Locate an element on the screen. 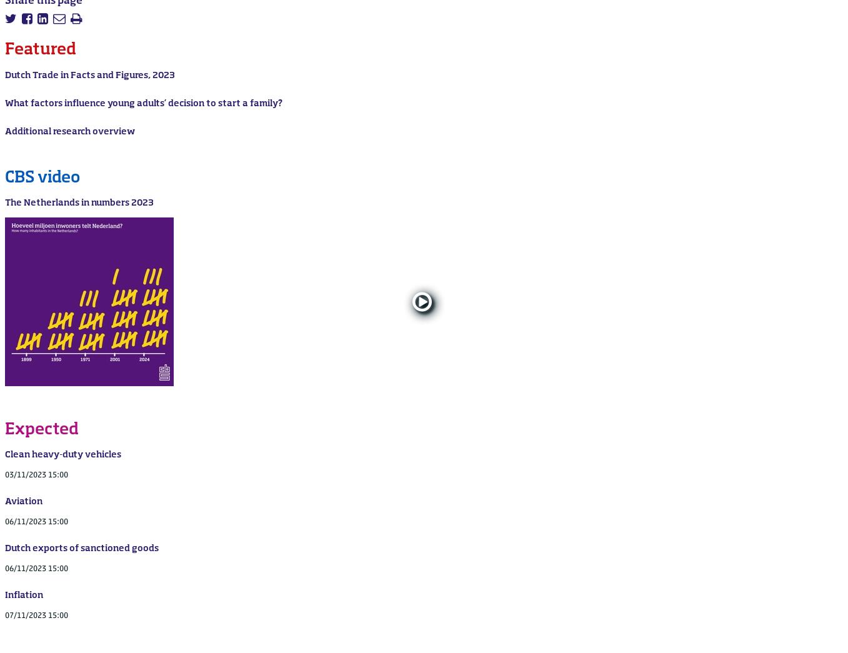 The height and width of the screenshot is (653, 848). '03/11/2023 15:00' is located at coordinates (36, 474).